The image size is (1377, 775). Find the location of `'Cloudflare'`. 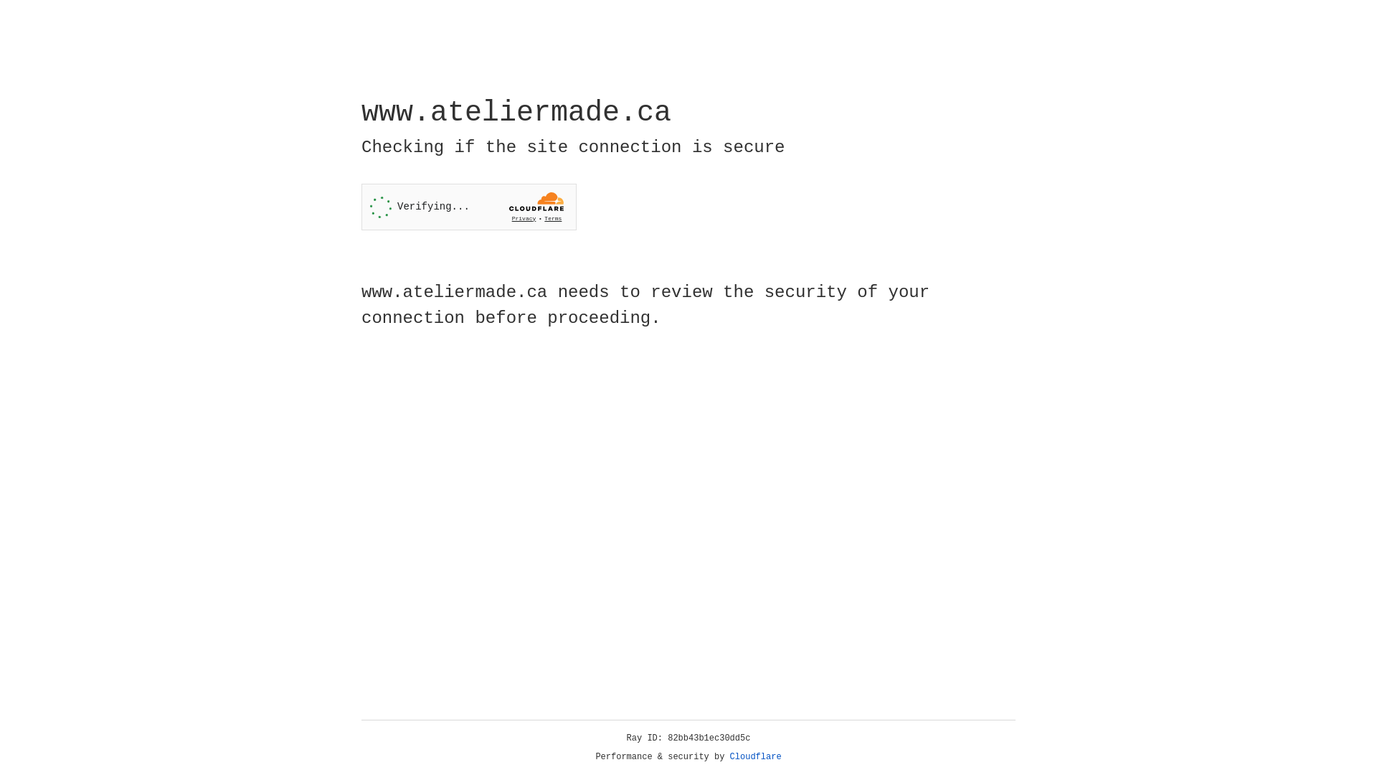

'Cloudflare' is located at coordinates (755, 756).